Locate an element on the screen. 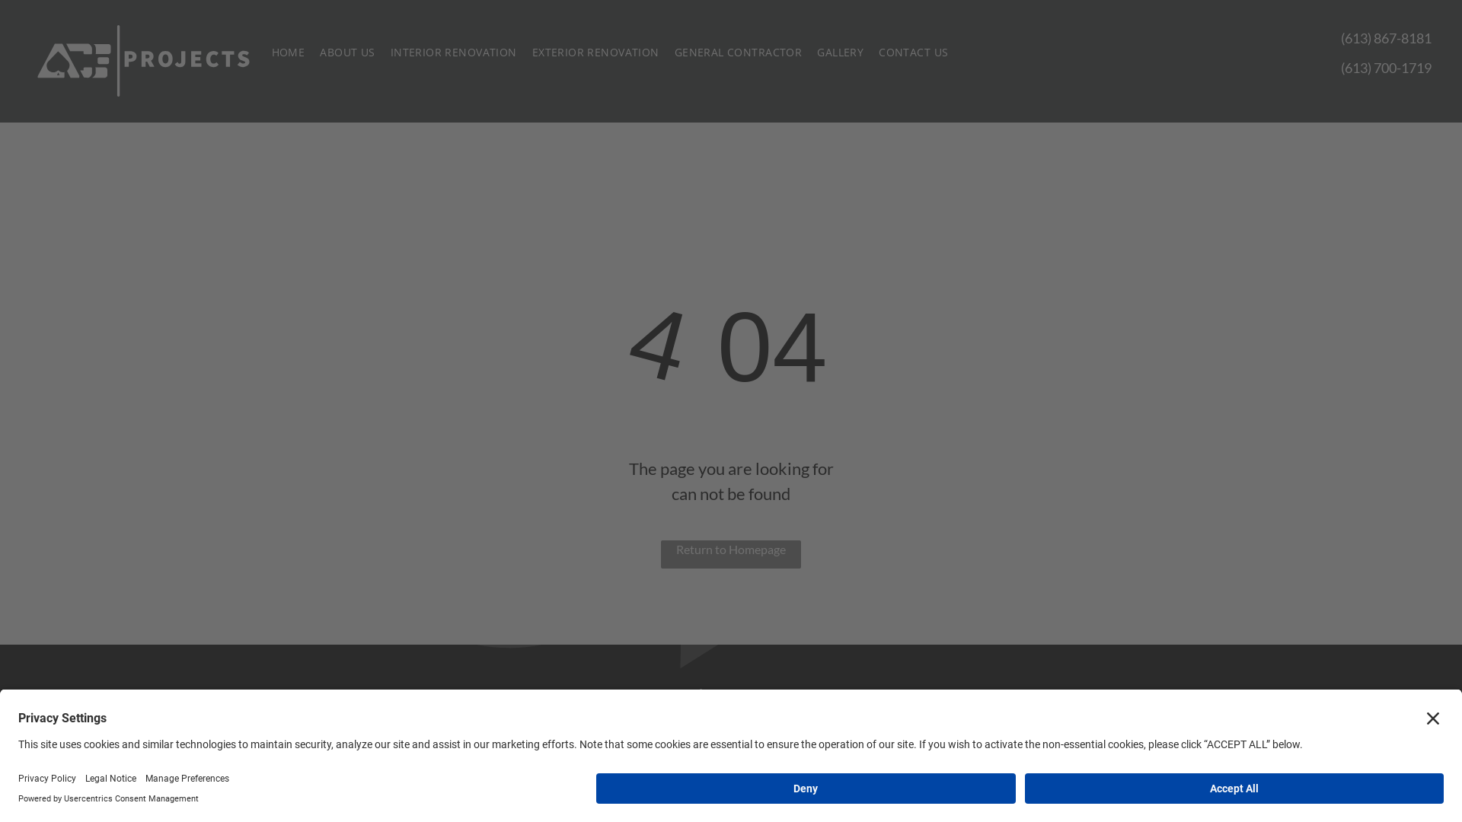  'HOME' is located at coordinates (289, 51).